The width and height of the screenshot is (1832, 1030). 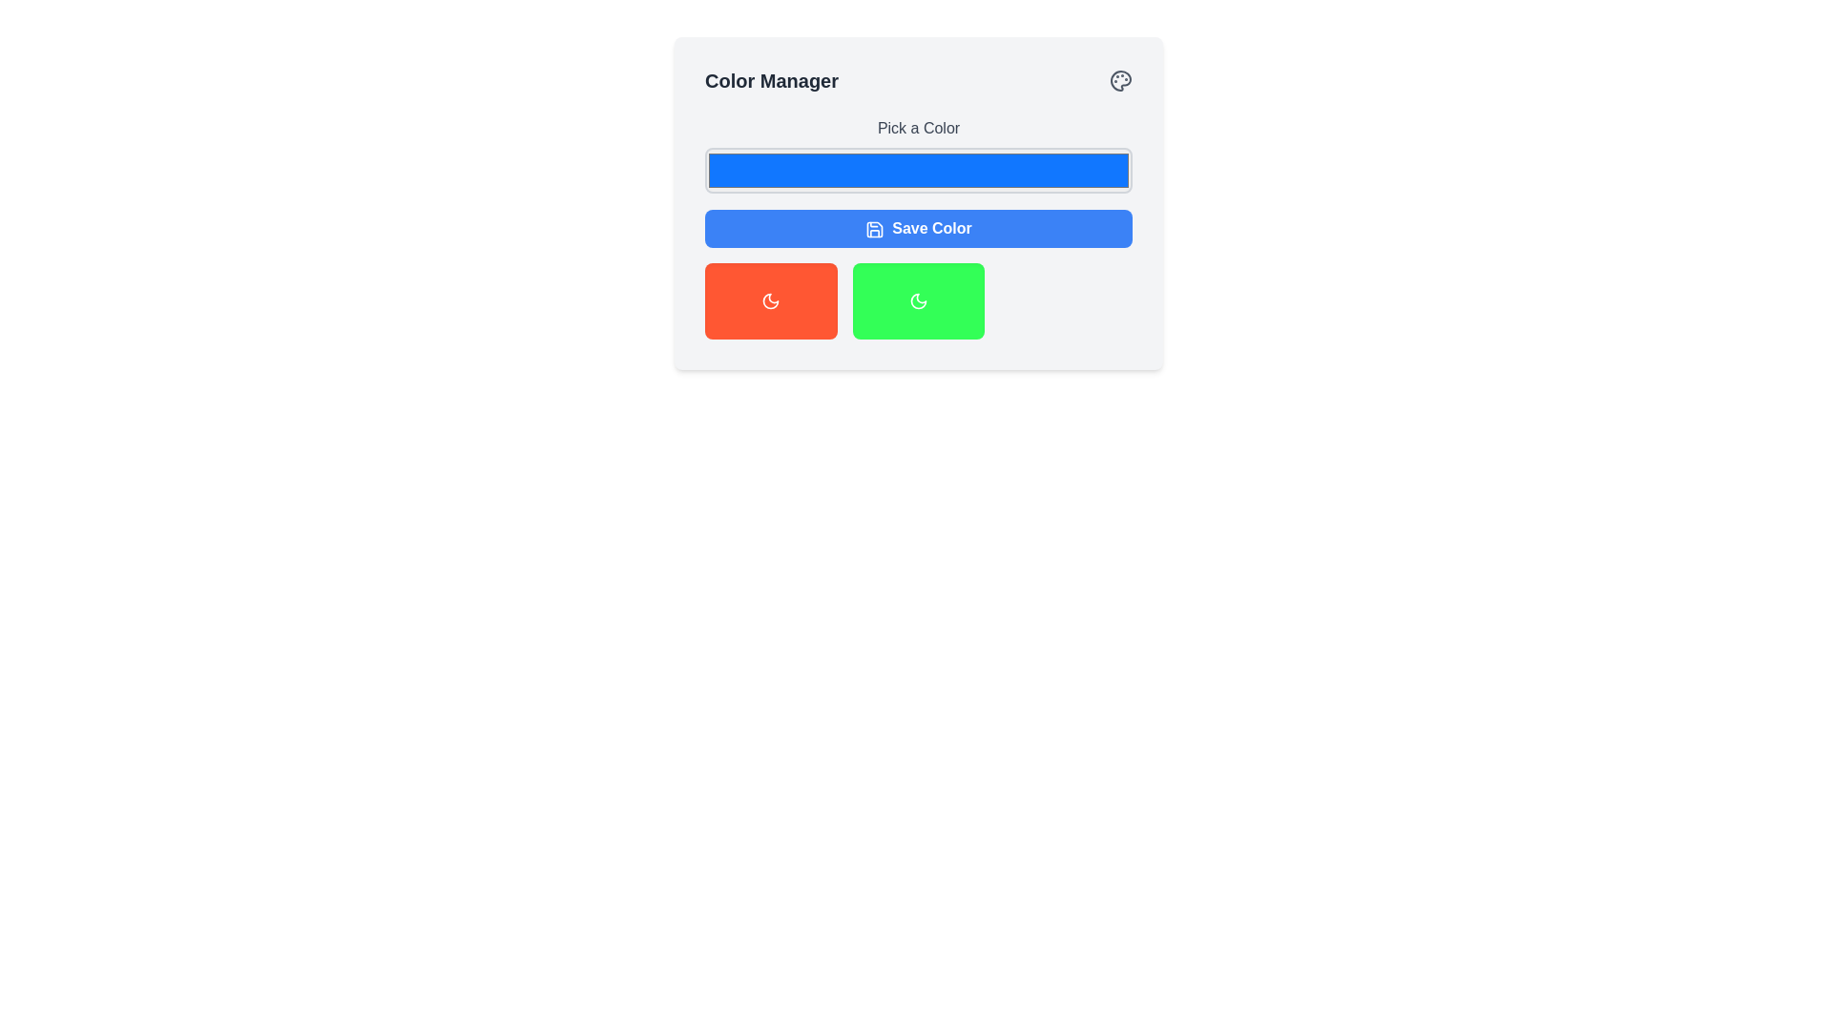 What do you see at coordinates (919, 300) in the screenshot?
I see `the nighttime or dark mode toggle icon located inside the green button on the bottom-right of the interface` at bounding box center [919, 300].